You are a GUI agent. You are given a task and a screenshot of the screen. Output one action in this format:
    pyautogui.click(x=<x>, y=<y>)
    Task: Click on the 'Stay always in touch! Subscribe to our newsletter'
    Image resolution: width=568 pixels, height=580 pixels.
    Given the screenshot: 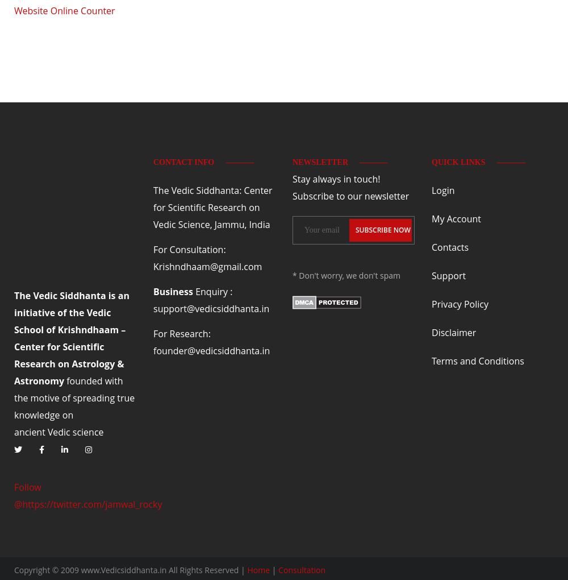 What is the action you would take?
    pyautogui.click(x=350, y=187)
    